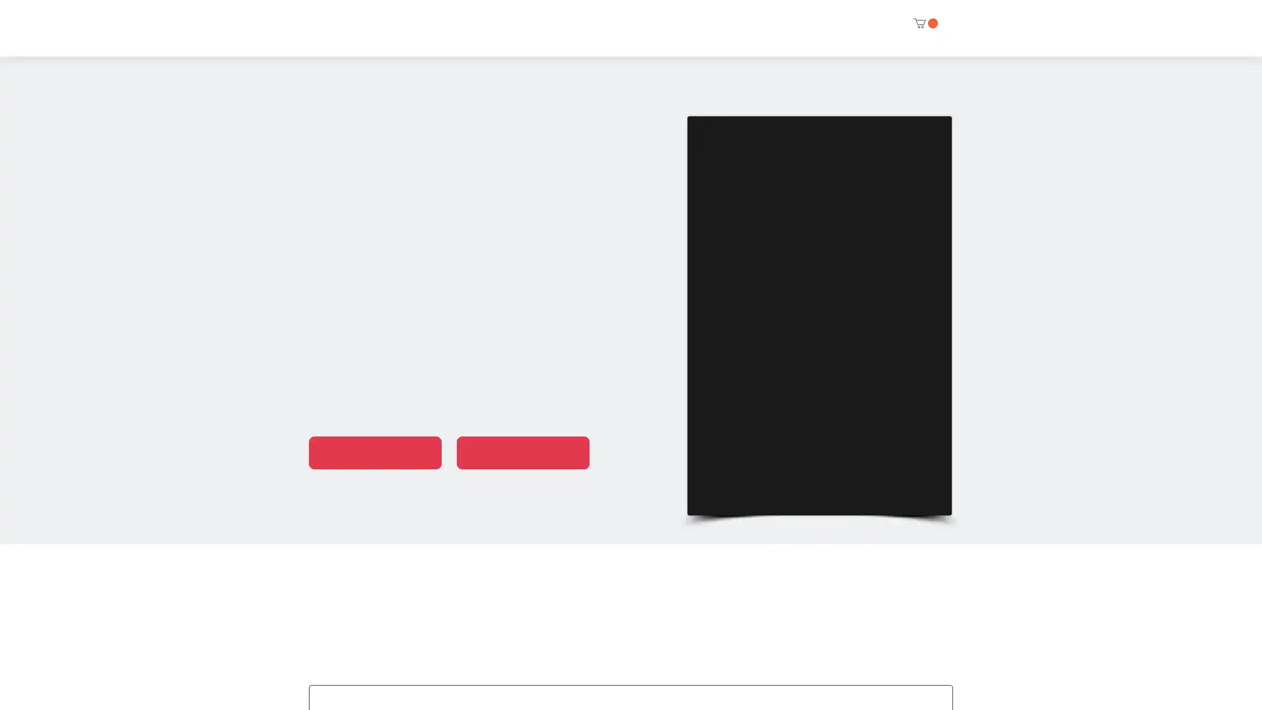  I want to click on ANTHOLOGIES, so click(440, 656).